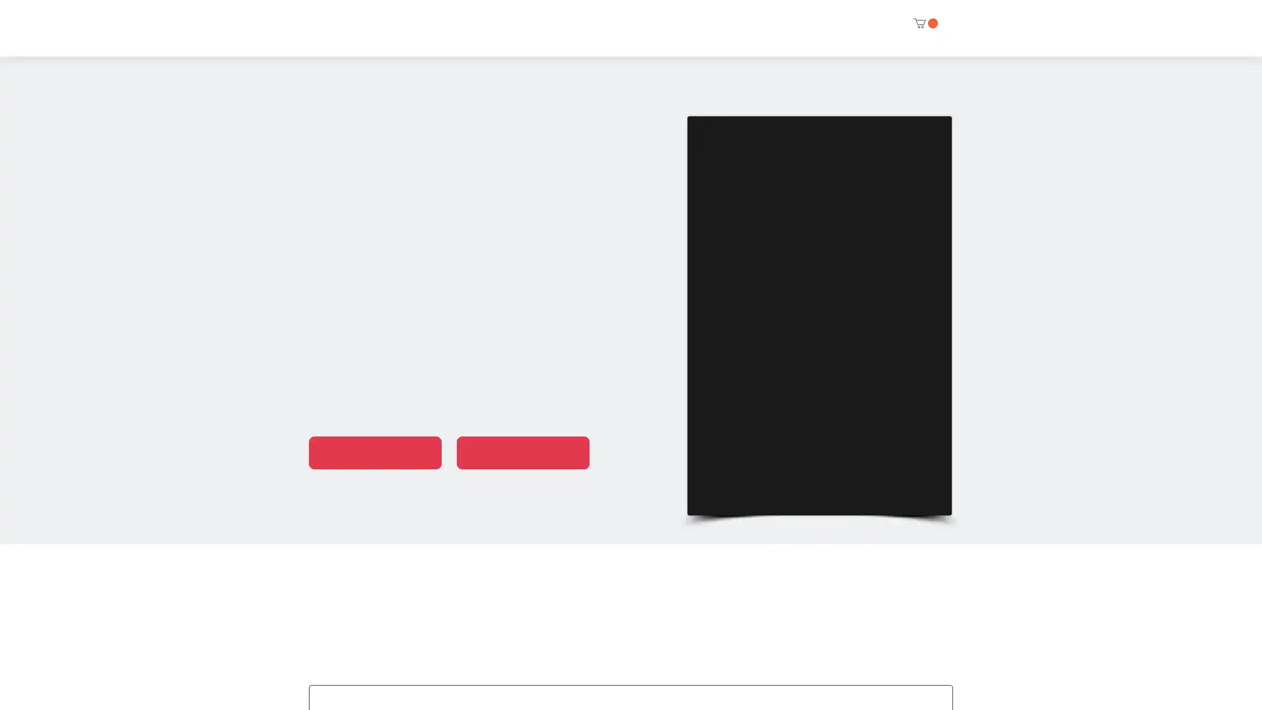  I want to click on ANTHOLOGIES, so click(440, 656).